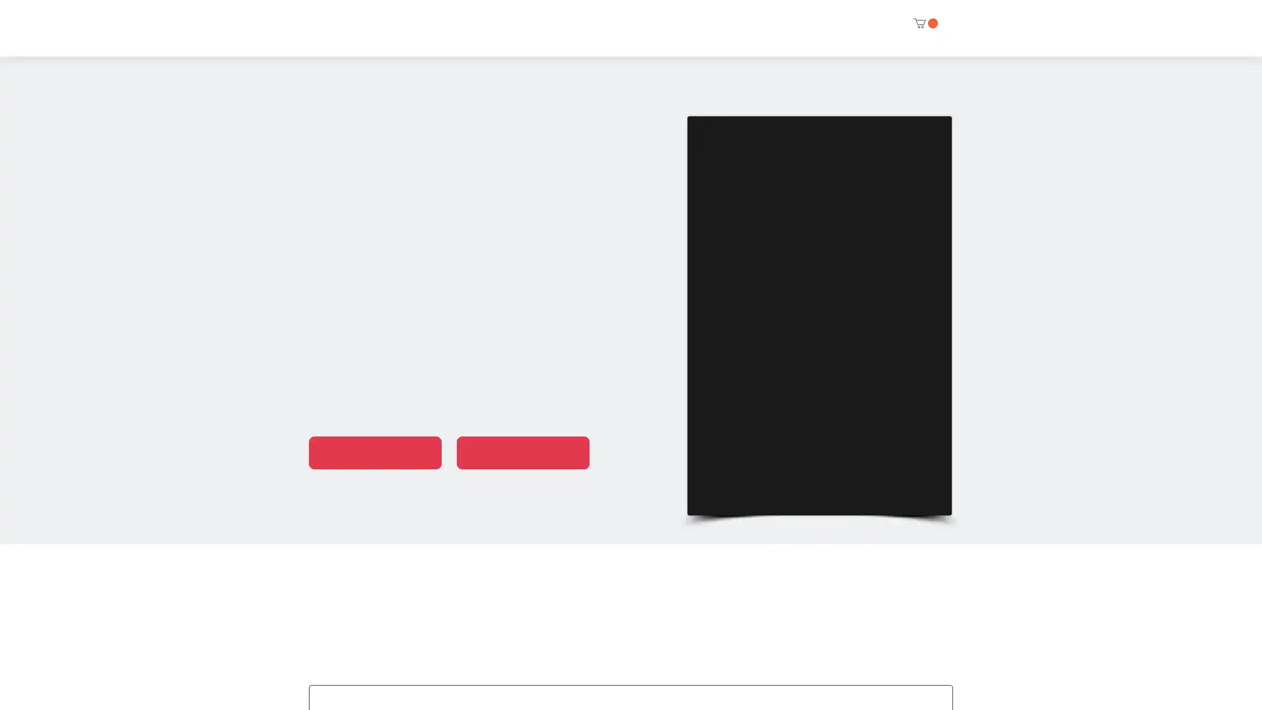  I want to click on ANTHOLOGIES, so click(440, 656).